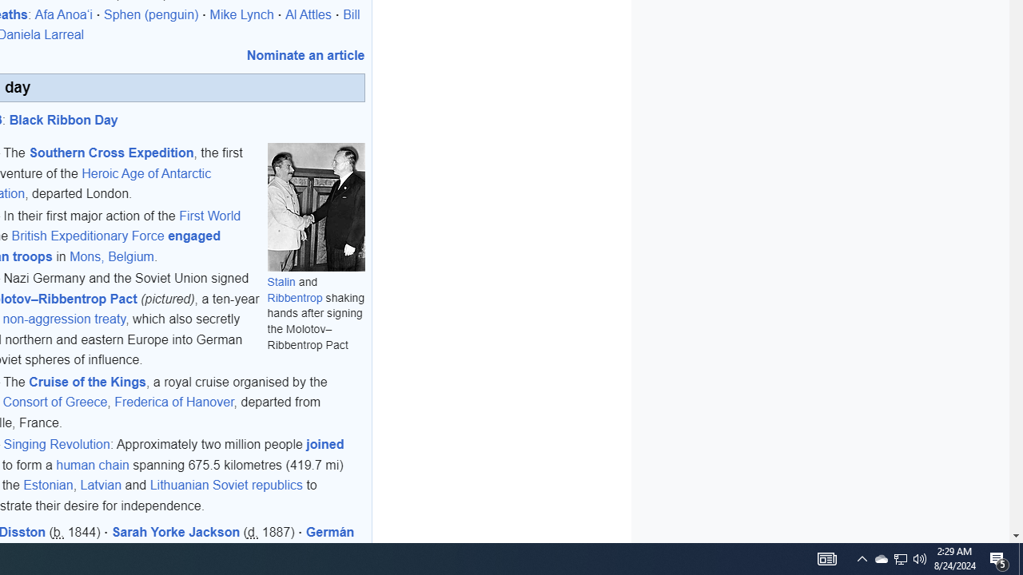 This screenshot has width=1023, height=575. Describe the element at coordinates (57, 444) in the screenshot. I see `'Singing Revolution'` at that location.